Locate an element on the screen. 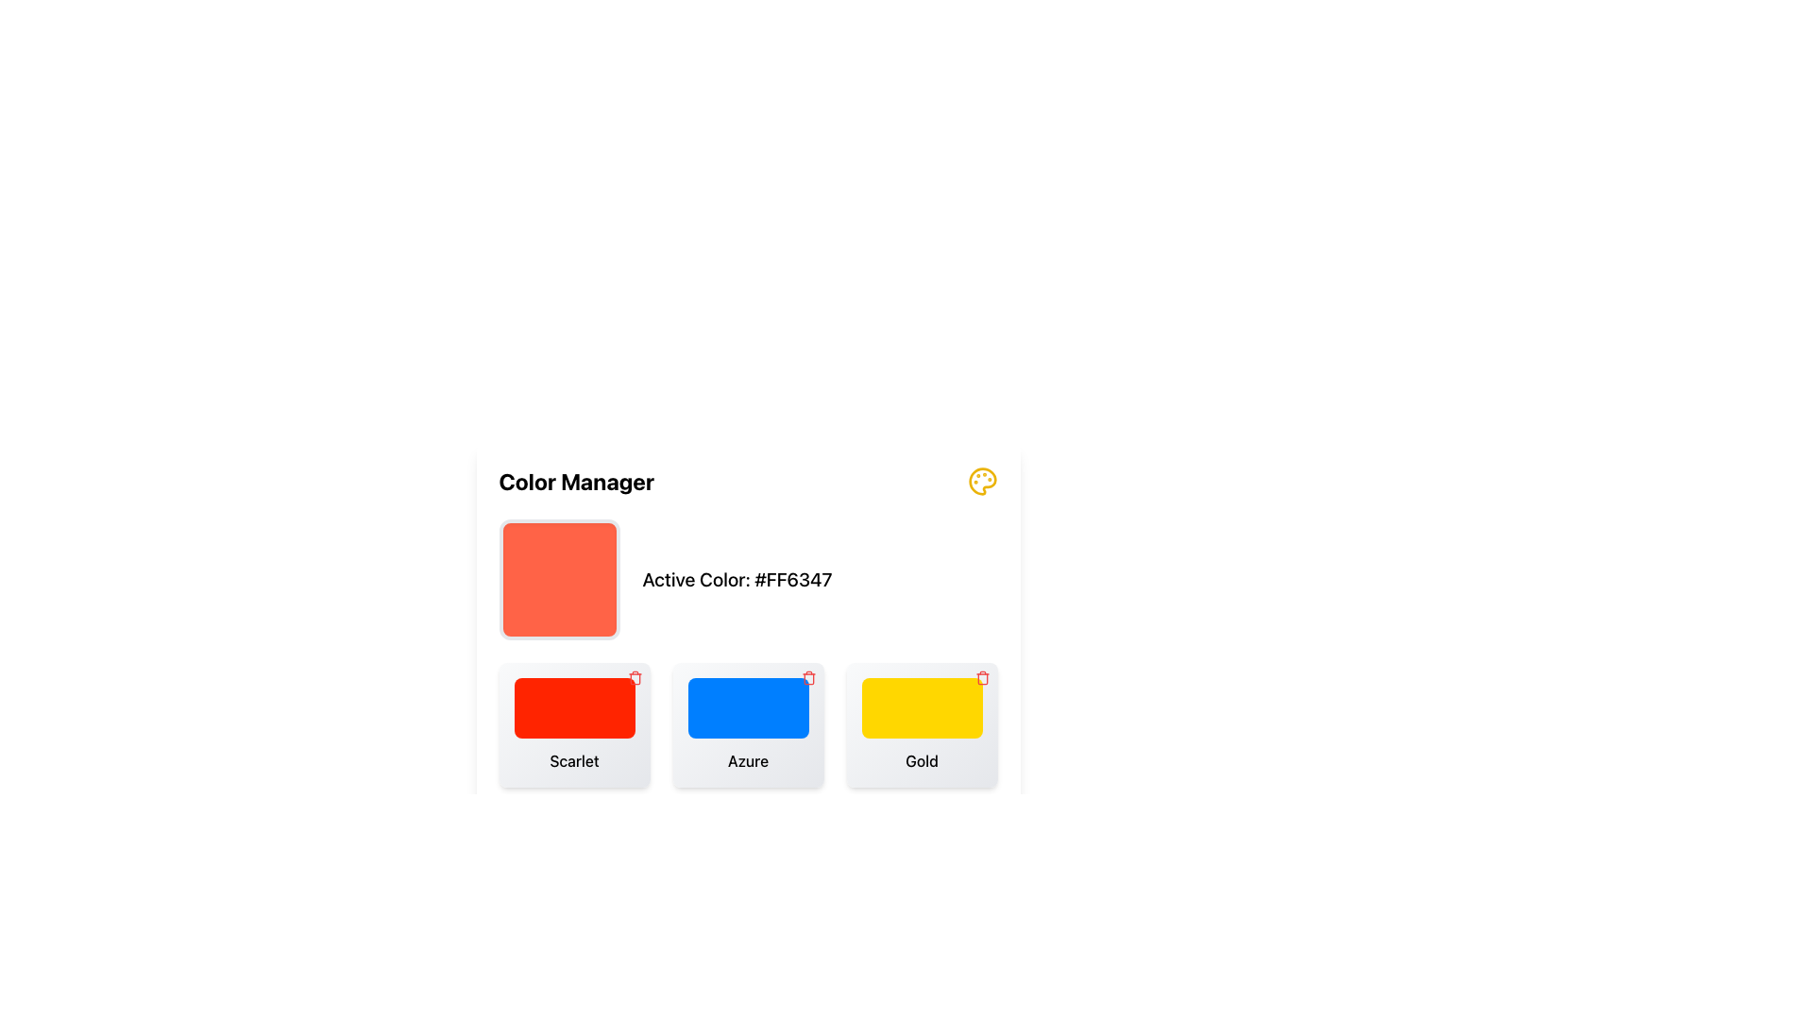 This screenshot has height=1020, width=1813. the 'Gold' selectable card in the grid is located at coordinates (922, 723).